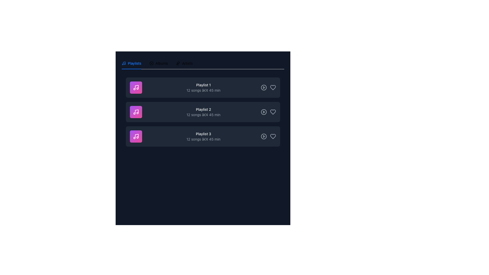 This screenshot has width=489, height=275. Describe the element at coordinates (136, 136) in the screenshot. I see `the graphical icon representing 'Playlist 3' located to the left of the text 'Playlist 3'` at that location.